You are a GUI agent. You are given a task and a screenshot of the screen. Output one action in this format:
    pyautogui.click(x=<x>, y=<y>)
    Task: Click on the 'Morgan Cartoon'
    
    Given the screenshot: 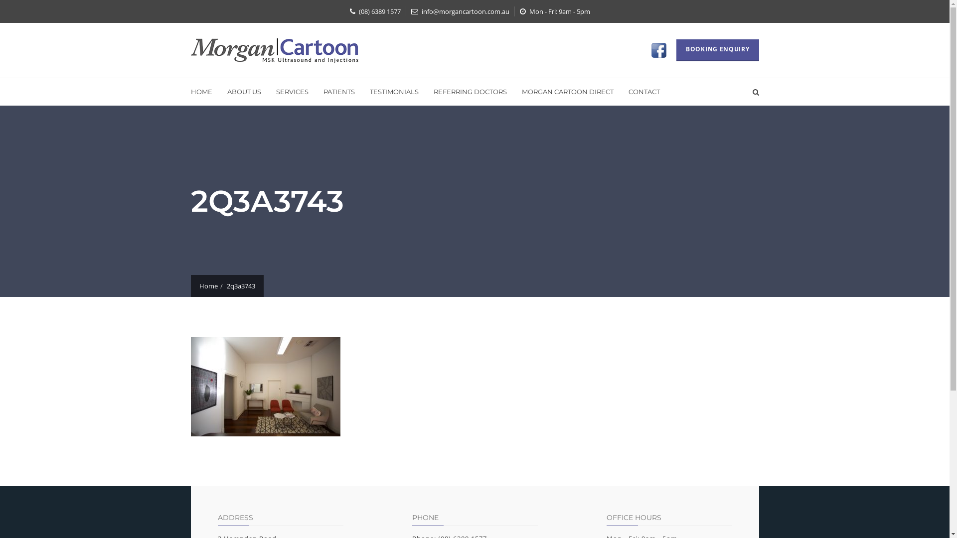 What is the action you would take?
    pyautogui.click(x=274, y=50)
    